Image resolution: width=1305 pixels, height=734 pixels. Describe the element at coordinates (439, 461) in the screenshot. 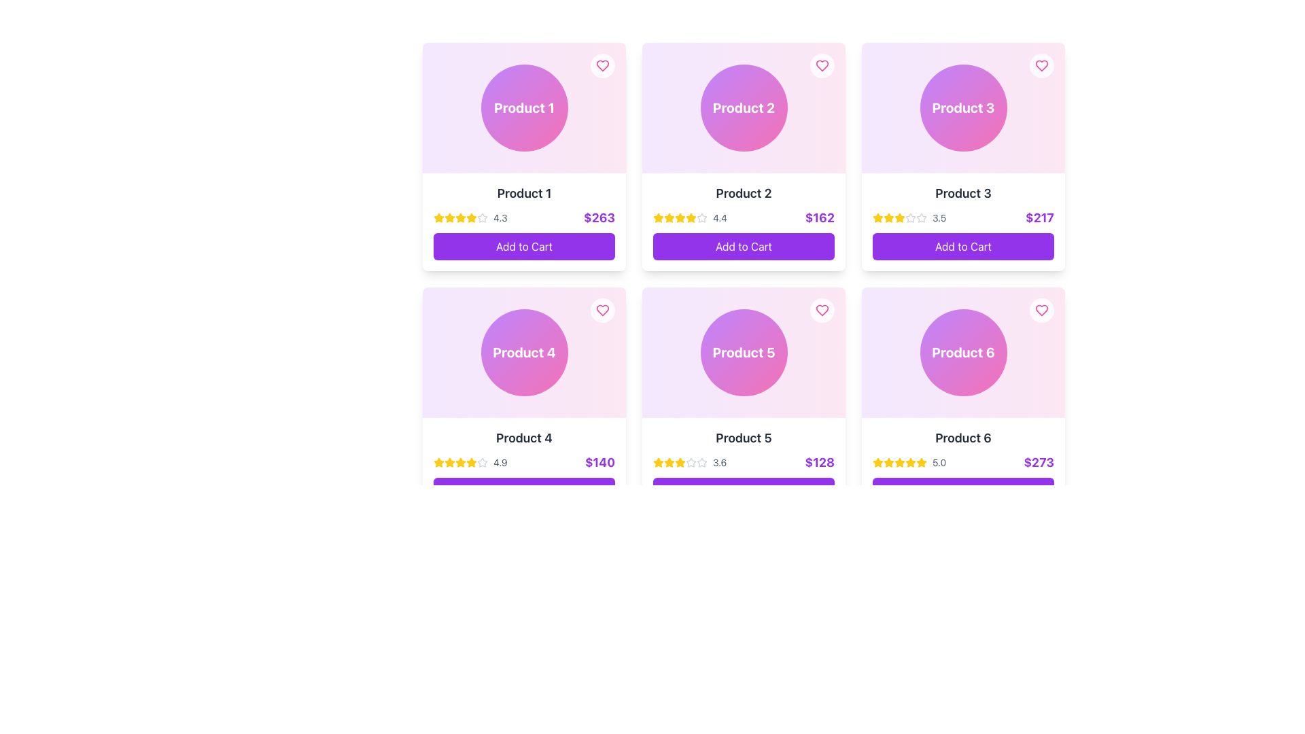

I see `the yellow four-pointed star icon associated with the rating system, located under the 'Product 4' section in the grid layout` at that location.